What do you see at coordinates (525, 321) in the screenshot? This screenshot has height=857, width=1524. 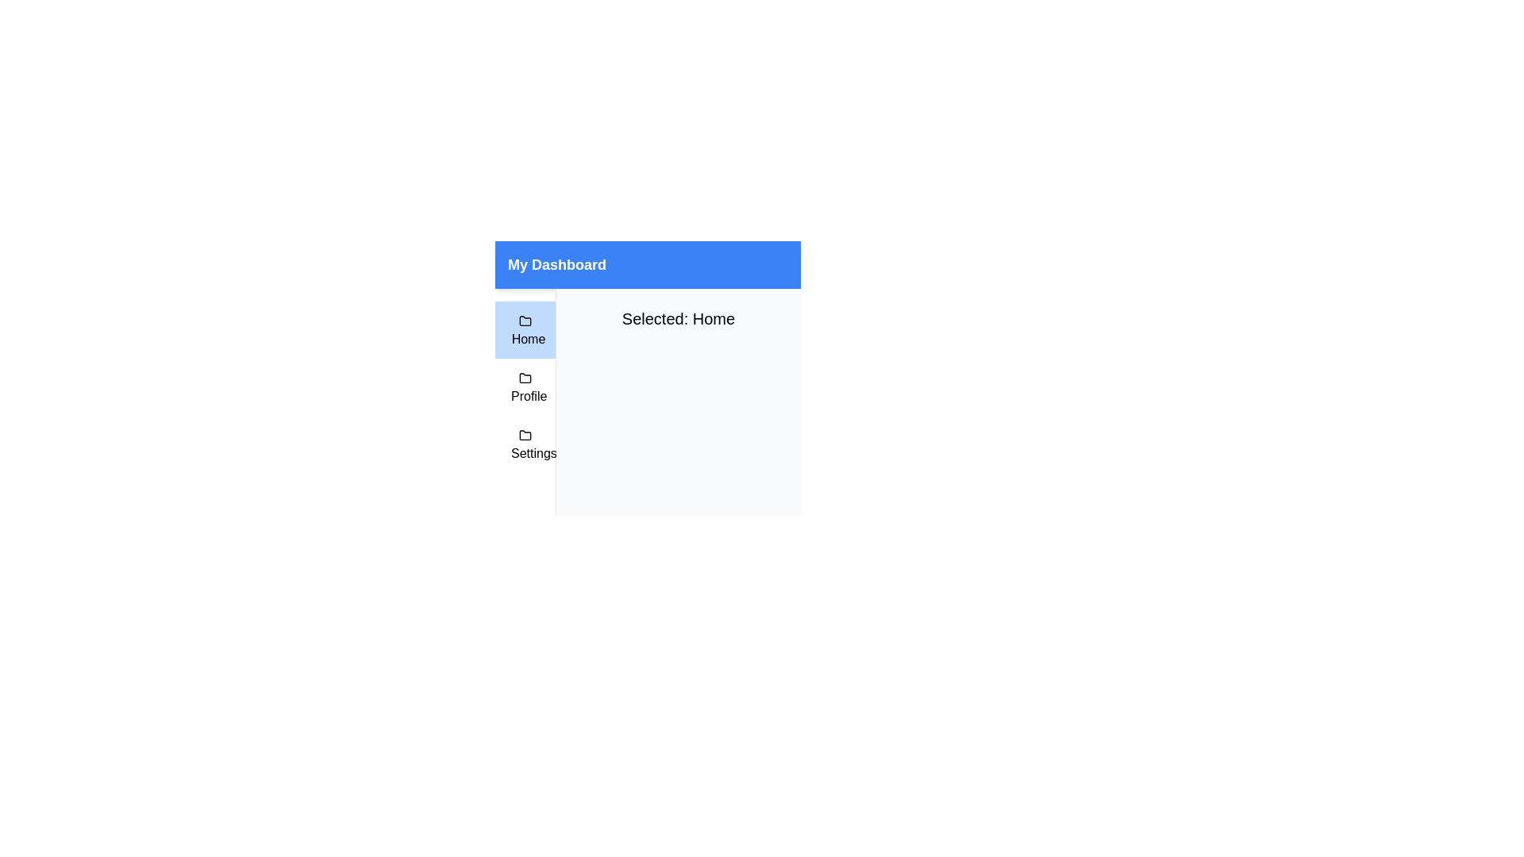 I see `the folder icon located to the left of the 'Home' text` at bounding box center [525, 321].